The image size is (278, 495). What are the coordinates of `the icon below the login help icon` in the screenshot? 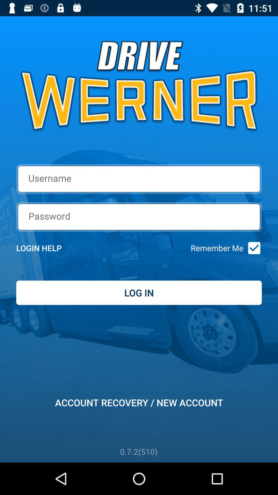 It's located at (139, 293).